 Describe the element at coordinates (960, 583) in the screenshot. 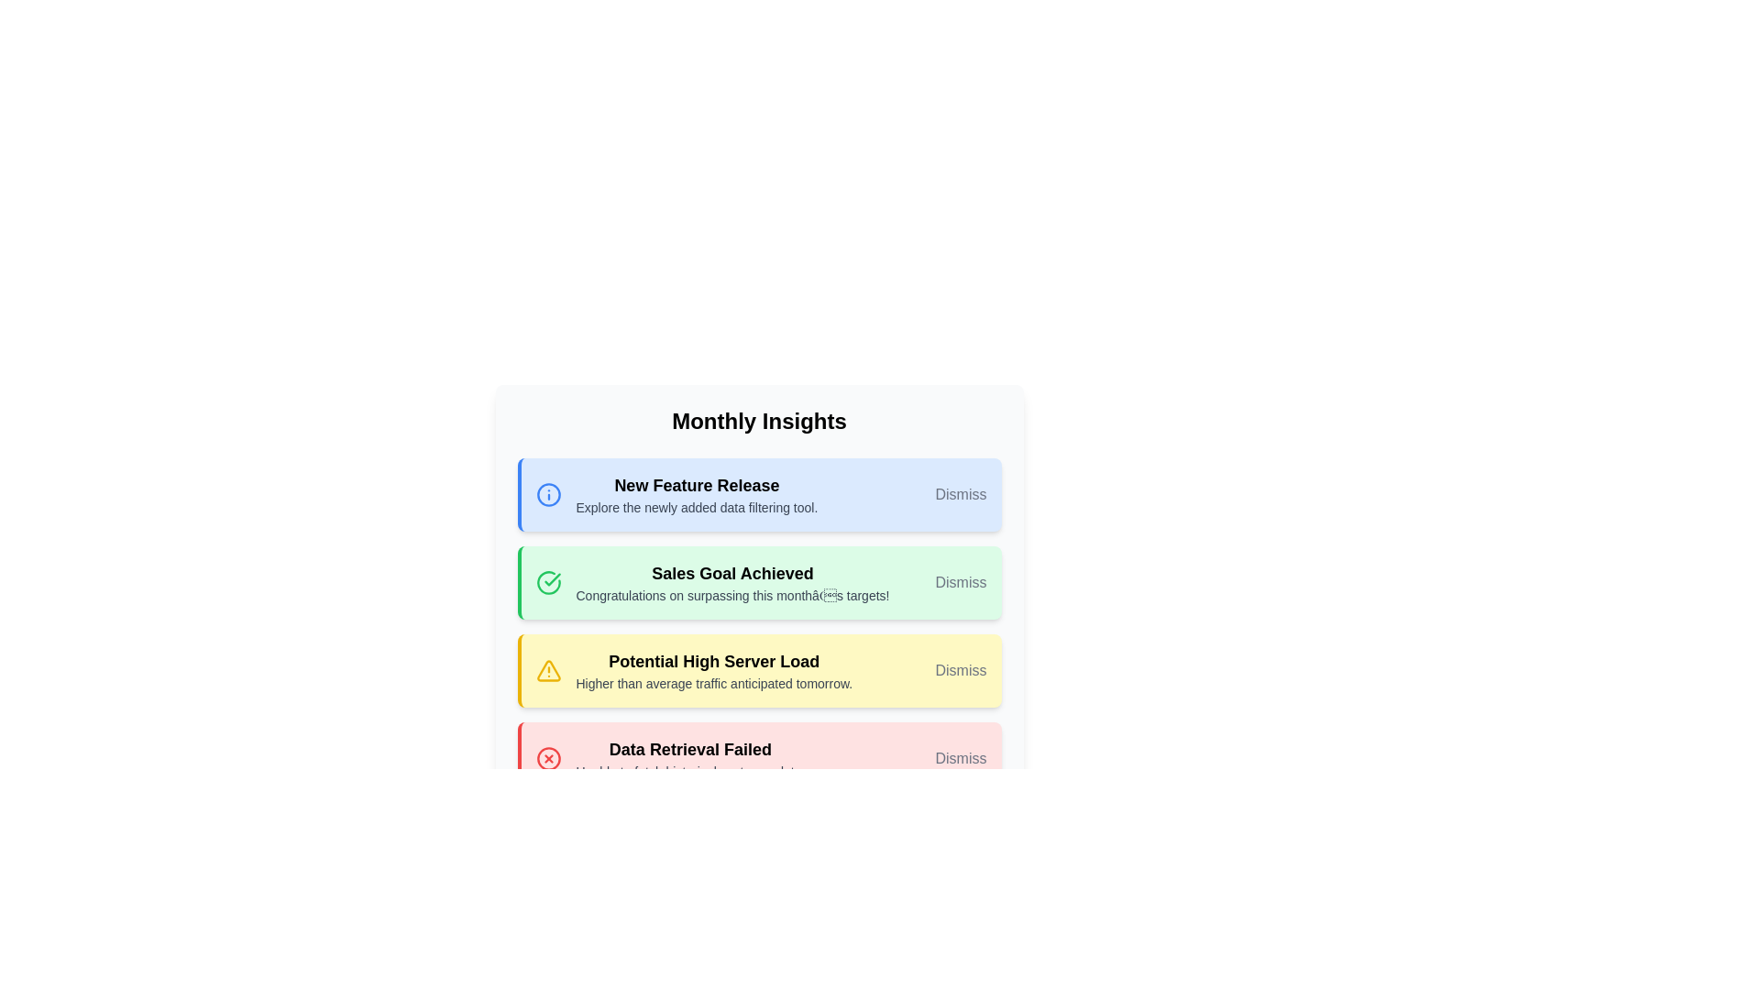

I see `the 'Dismiss' button located in the top-right corner of the highlighted notification card` at that location.